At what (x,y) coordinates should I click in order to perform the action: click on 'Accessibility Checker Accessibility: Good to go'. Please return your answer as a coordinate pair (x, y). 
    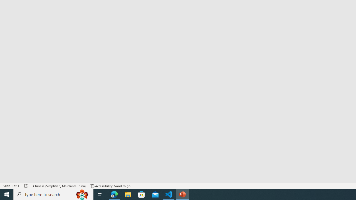
    Looking at the image, I should click on (110, 186).